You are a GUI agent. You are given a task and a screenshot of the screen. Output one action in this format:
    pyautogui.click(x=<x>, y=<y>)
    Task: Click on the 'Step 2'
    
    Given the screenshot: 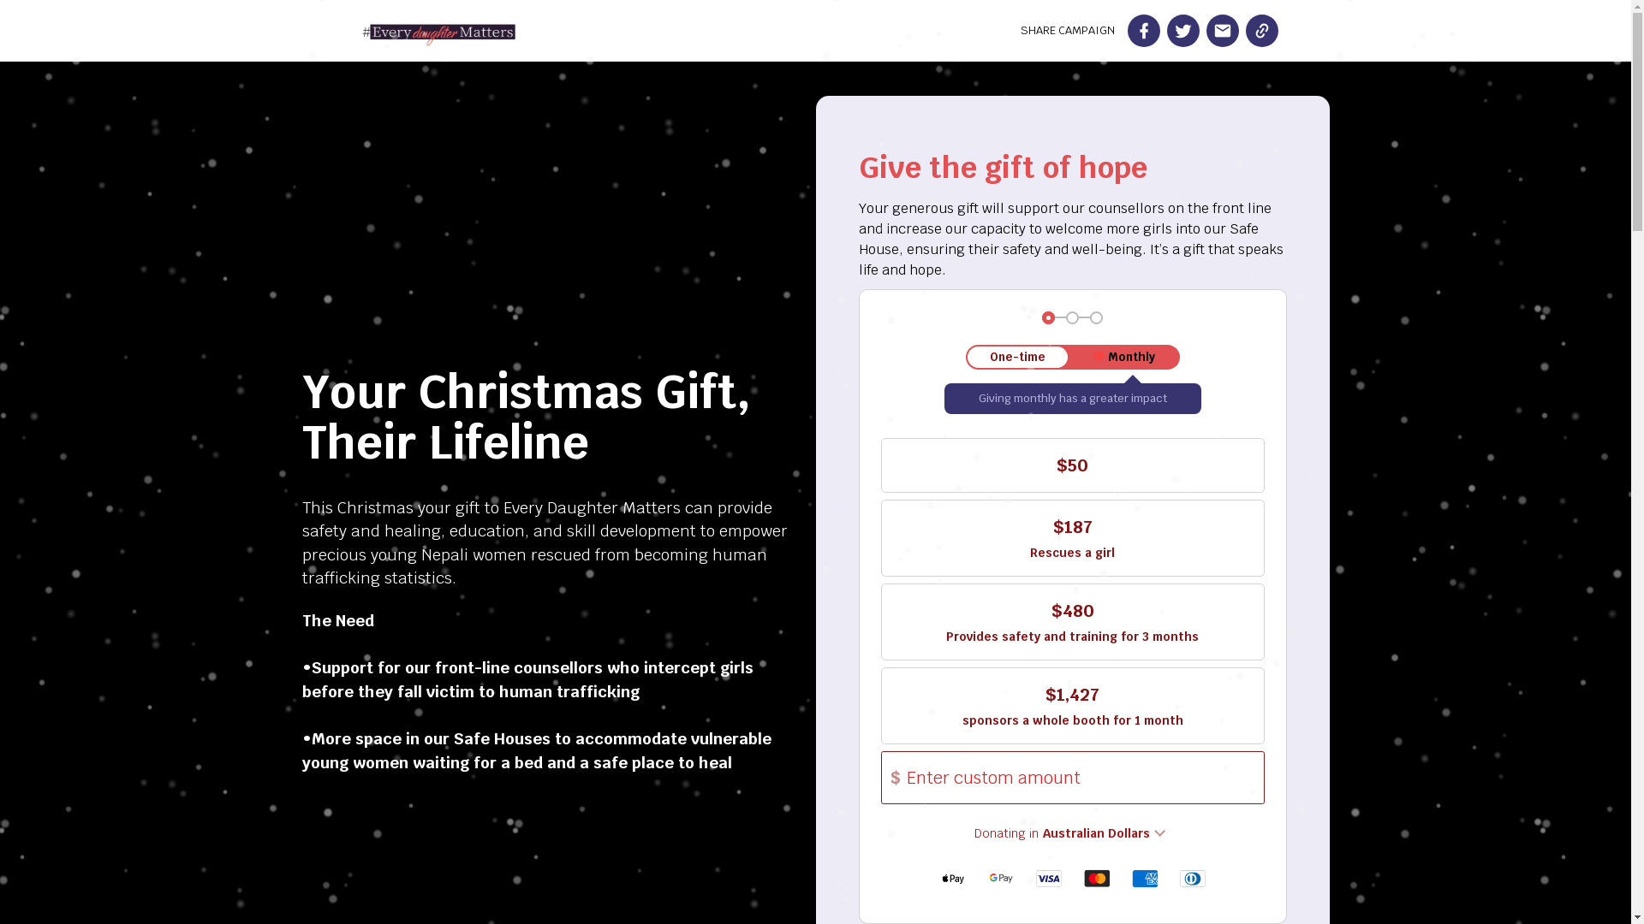 What is the action you would take?
    pyautogui.click(x=1071, y=317)
    